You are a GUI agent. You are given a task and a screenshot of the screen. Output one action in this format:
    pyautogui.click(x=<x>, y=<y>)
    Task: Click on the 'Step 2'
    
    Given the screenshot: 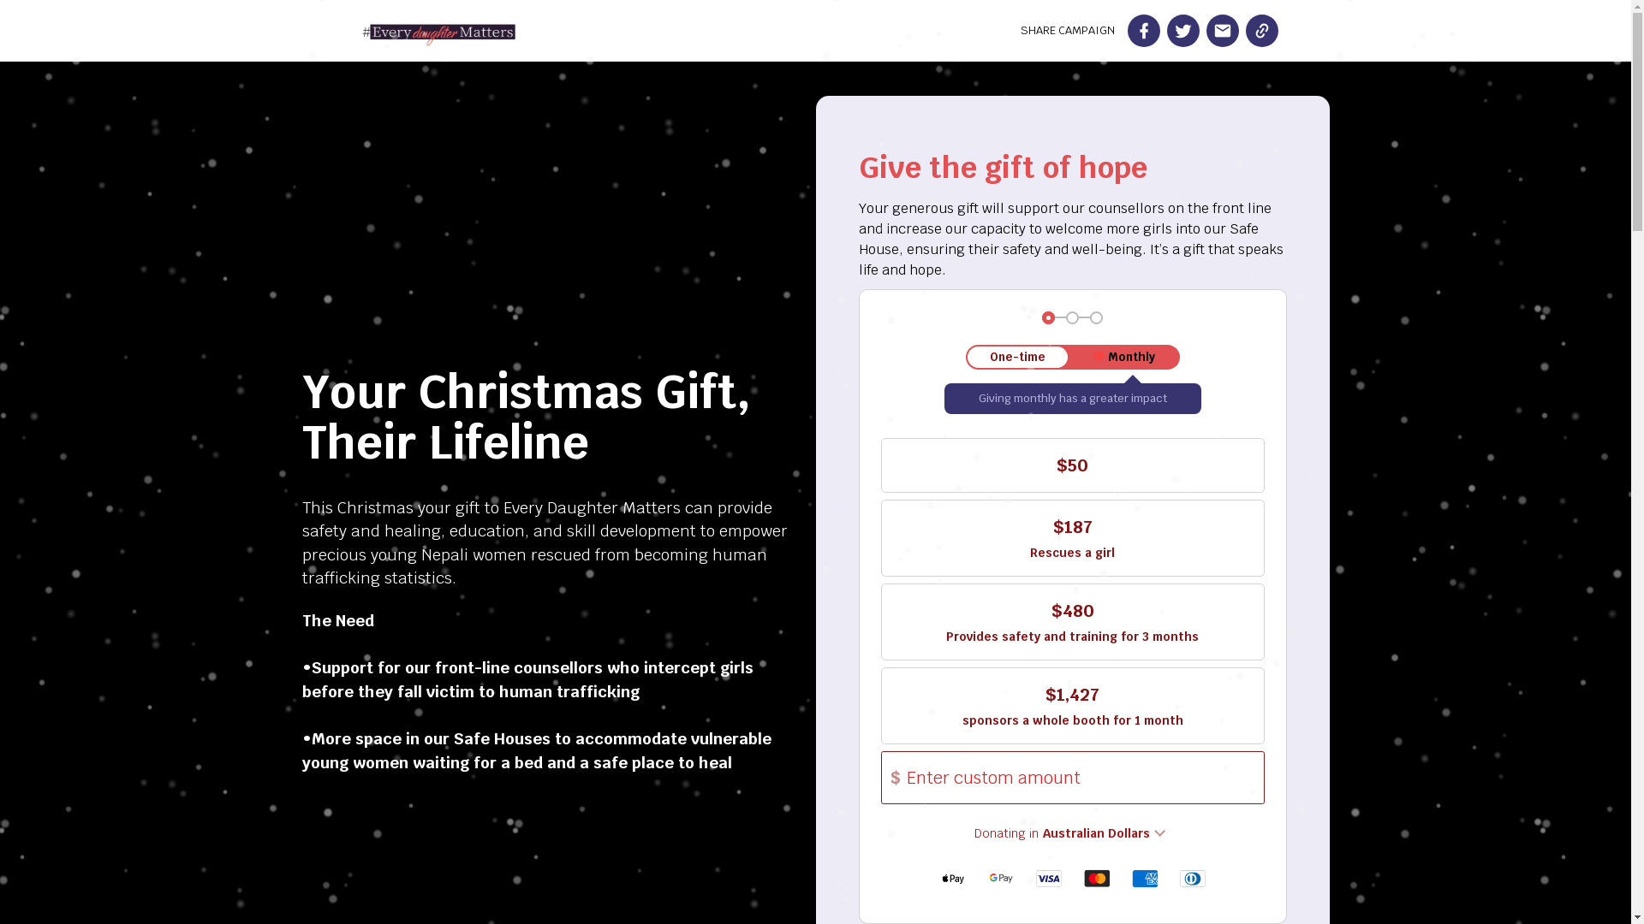 What is the action you would take?
    pyautogui.click(x=1071, y=317)
    